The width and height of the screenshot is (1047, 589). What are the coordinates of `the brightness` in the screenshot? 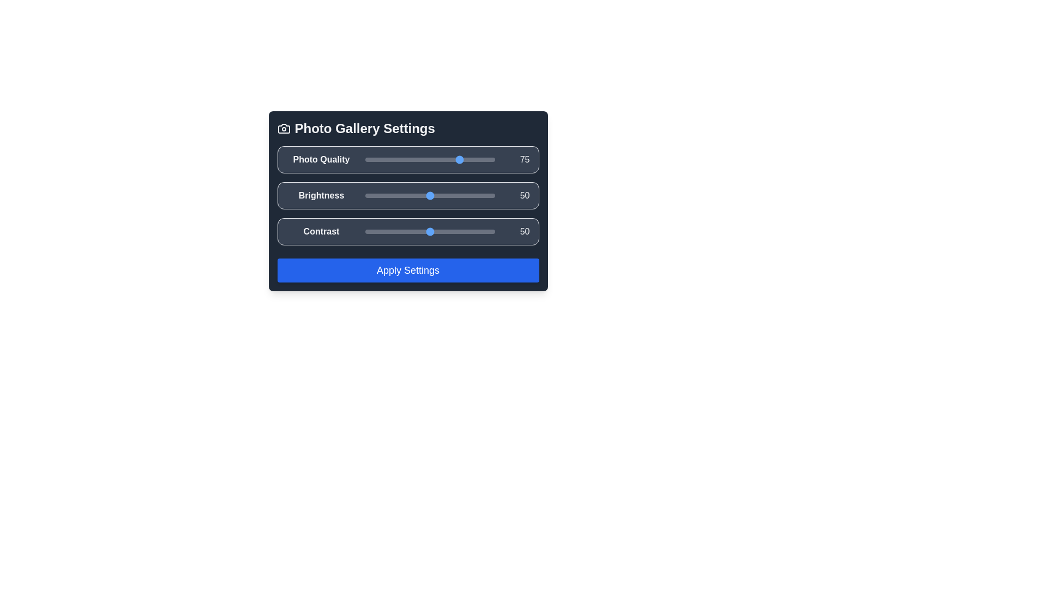 It's located at (422, 195).